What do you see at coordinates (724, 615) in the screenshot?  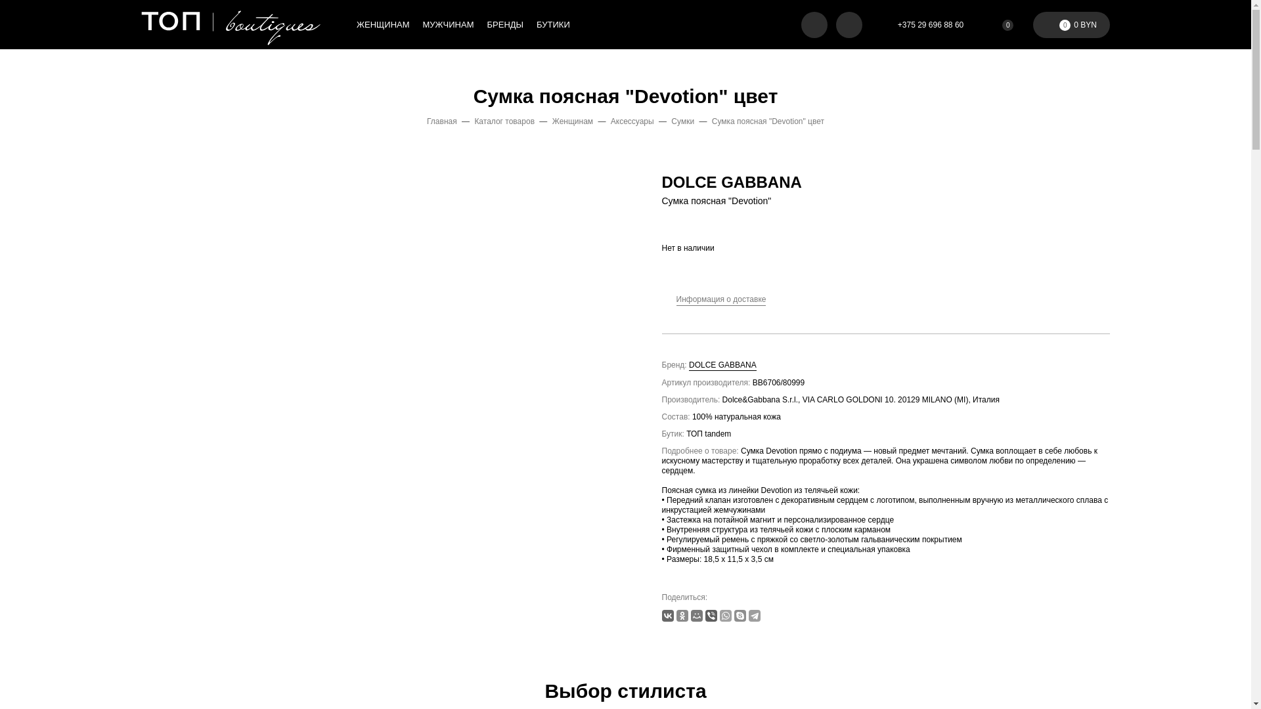 I see `'WhatsApp'` at bounding box center [724, 615].